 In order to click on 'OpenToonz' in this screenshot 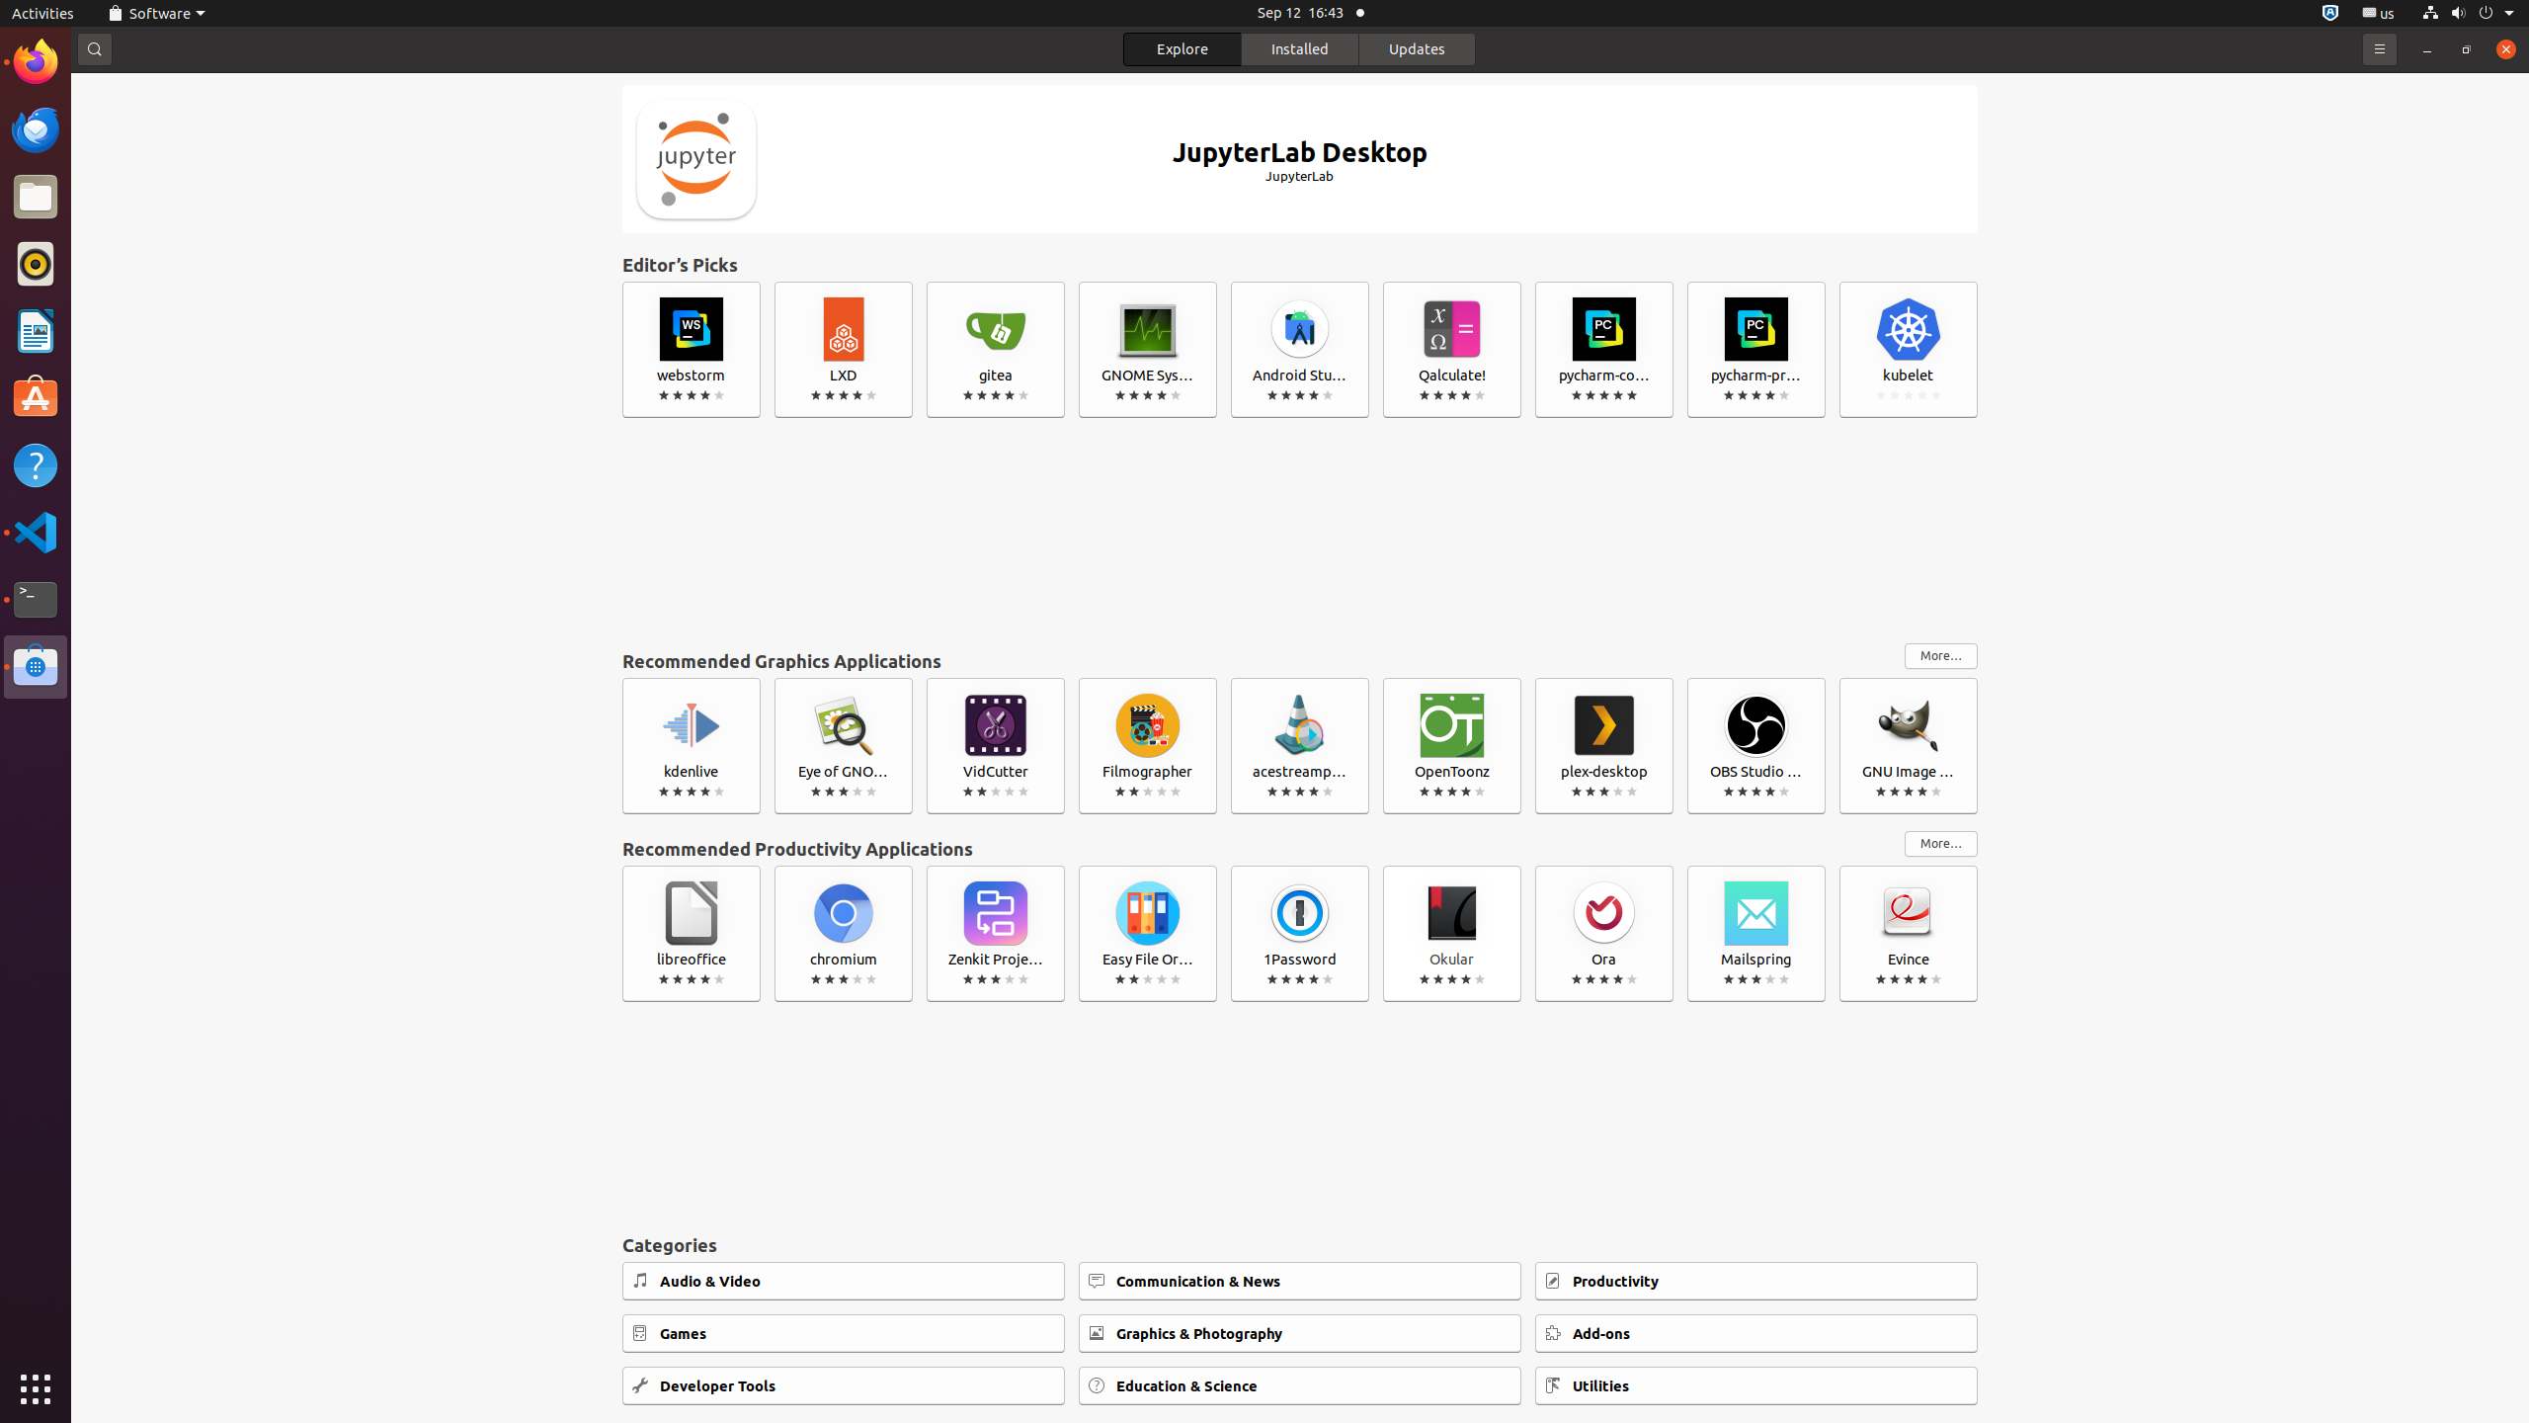, I will do `click(1450, 745)`.